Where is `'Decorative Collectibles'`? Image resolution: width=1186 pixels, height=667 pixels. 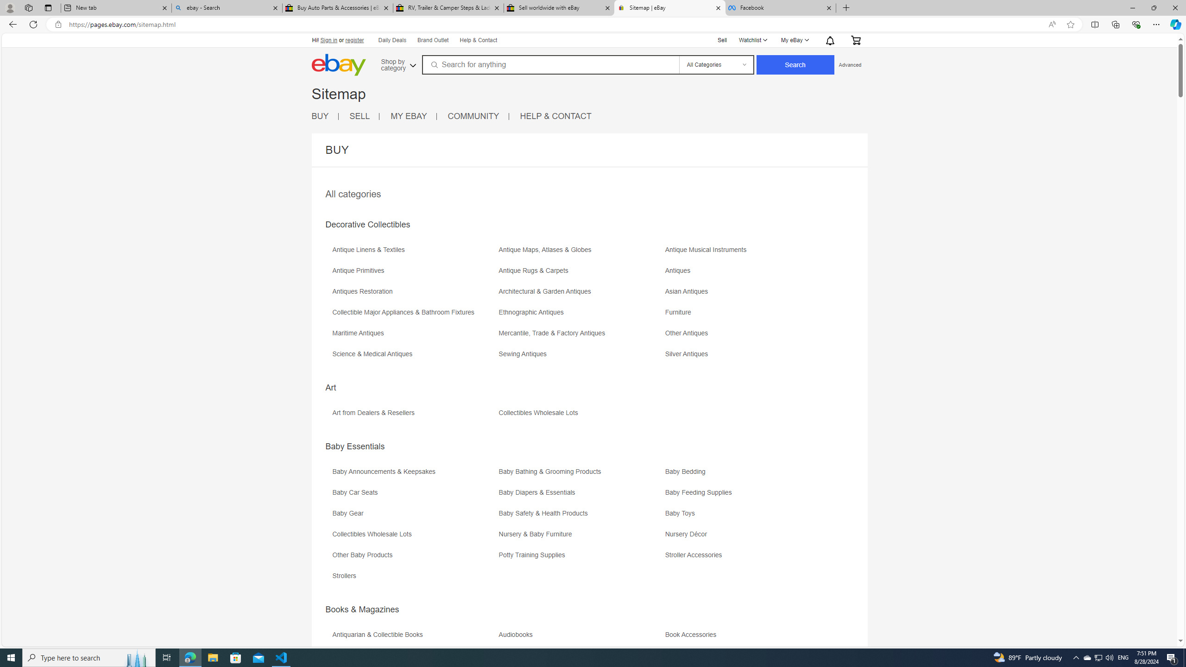
'Decorative Collectibles' is located at coordinates (367, 225).